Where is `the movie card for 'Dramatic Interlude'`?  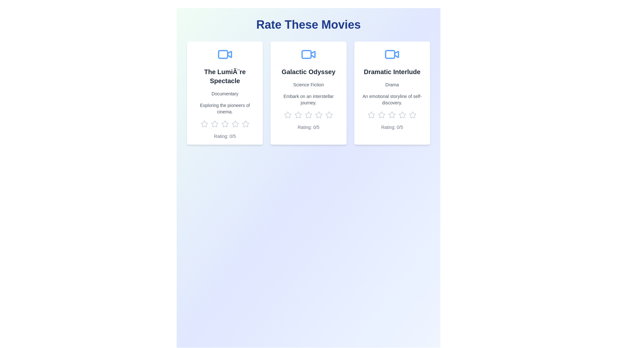 the movie card for 'Dramatic Interlude' is located at coordinates (392, 93).